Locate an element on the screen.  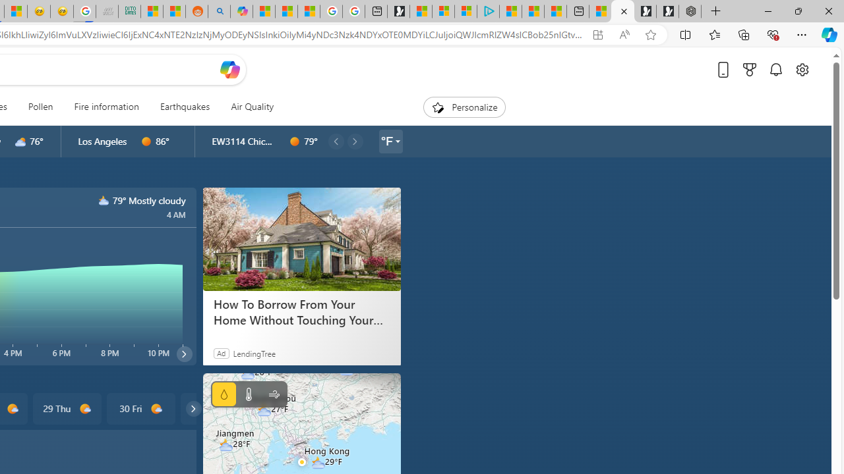
'Earthquakes' is located at coordinates (184, 107).